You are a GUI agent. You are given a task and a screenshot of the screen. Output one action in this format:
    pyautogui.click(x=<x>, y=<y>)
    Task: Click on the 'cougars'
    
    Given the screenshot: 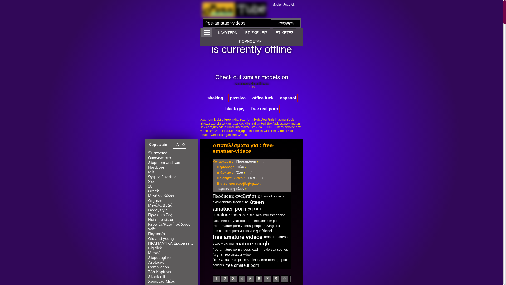 What is the action you would take?
    pyautogui.click(x=218, y=265)
    